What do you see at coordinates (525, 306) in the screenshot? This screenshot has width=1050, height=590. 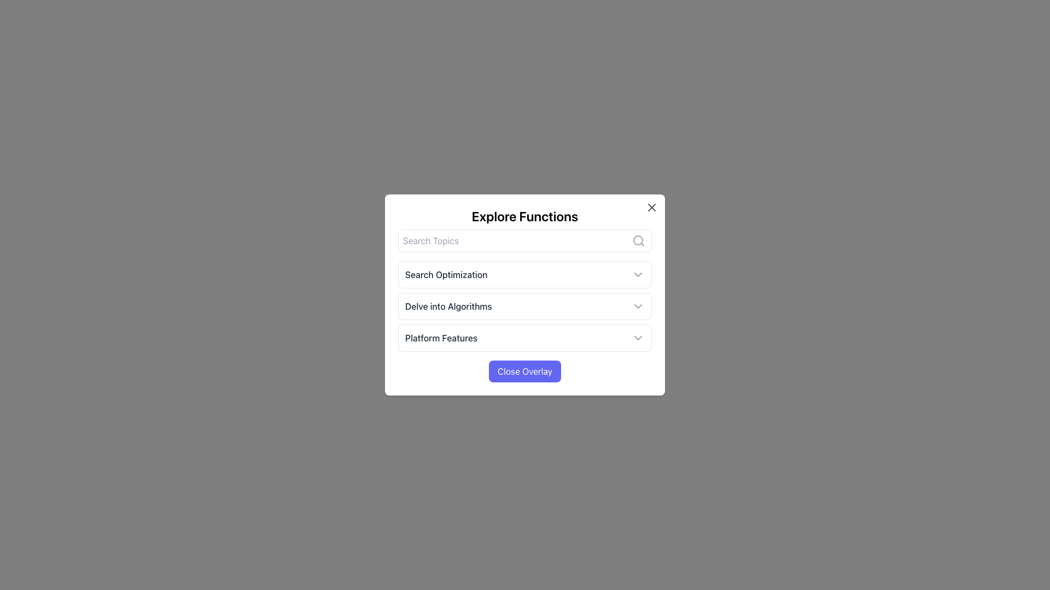 I see `the dropdown menu located centrally within the modal dialog titled 'Explore Functions'` at bounding box center [525, 306].